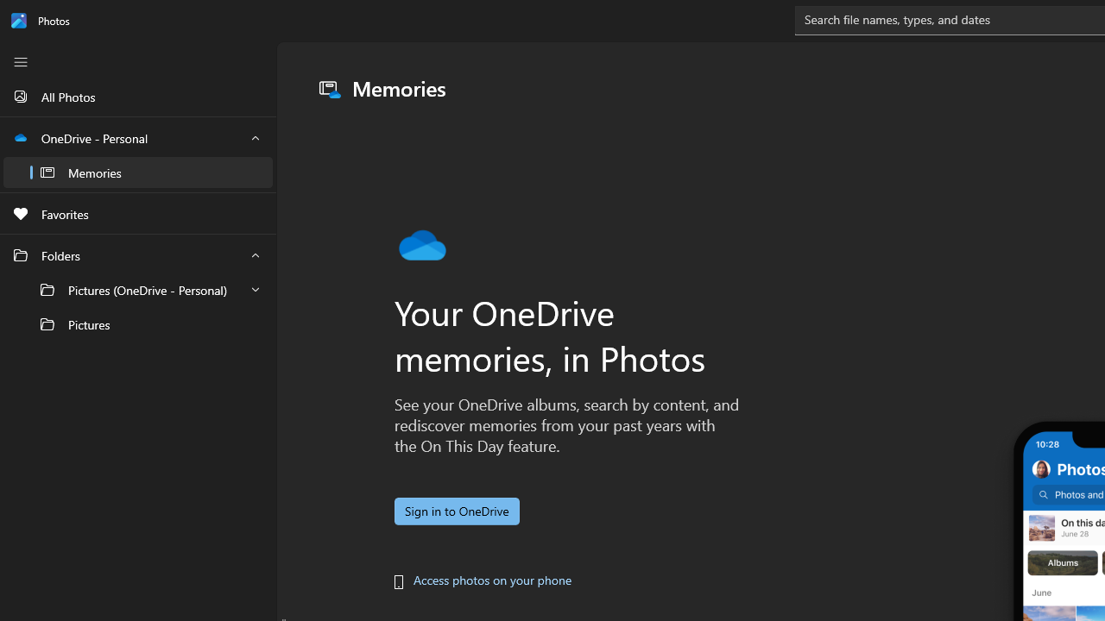 The height and width of the screenshot is (621, 1105). Describe the element at coordinates (138, 97) in the screenshot. I see `'All Photos'` at that location.